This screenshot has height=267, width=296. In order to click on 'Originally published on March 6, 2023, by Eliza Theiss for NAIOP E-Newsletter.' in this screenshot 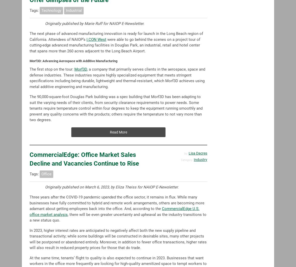, I will do `click(112, 187)`.